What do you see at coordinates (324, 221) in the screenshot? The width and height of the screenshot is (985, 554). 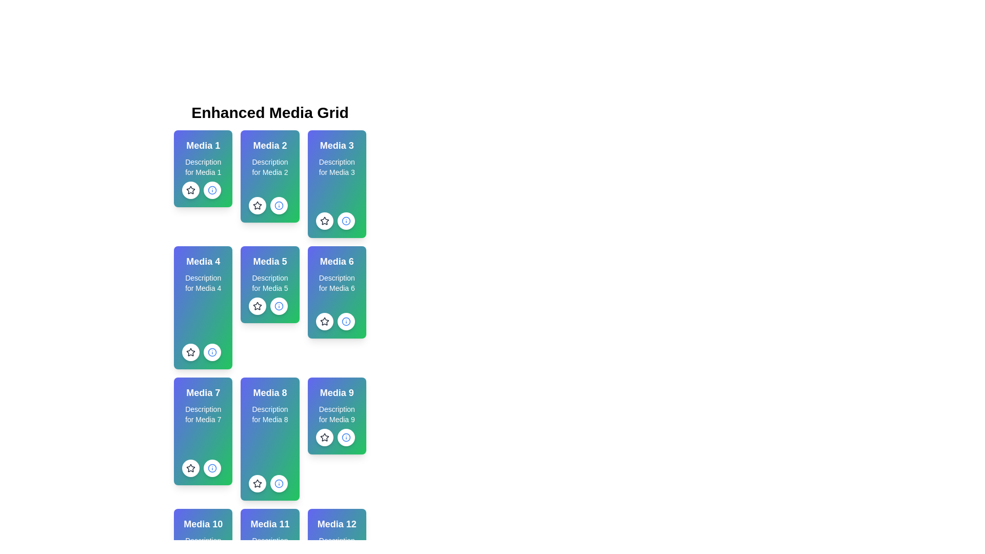 I see `the star-shaped icon with a hollow center located at the bottom left of the 'Media 3' card` at bounding box center [324, 221].